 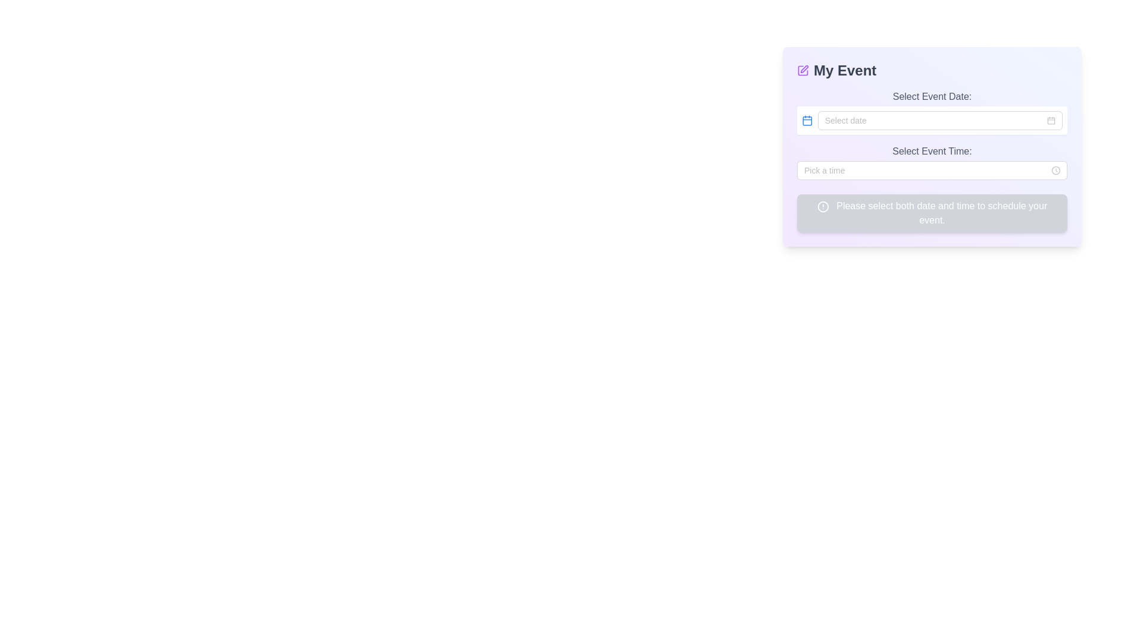 I want to click on a time from the dropdown menu of the Time picker input field labeled 'Select Event Time', which is styled with a placeholder text 'Pick a time' and a clock icon on the right, so click(x=931, y=170).